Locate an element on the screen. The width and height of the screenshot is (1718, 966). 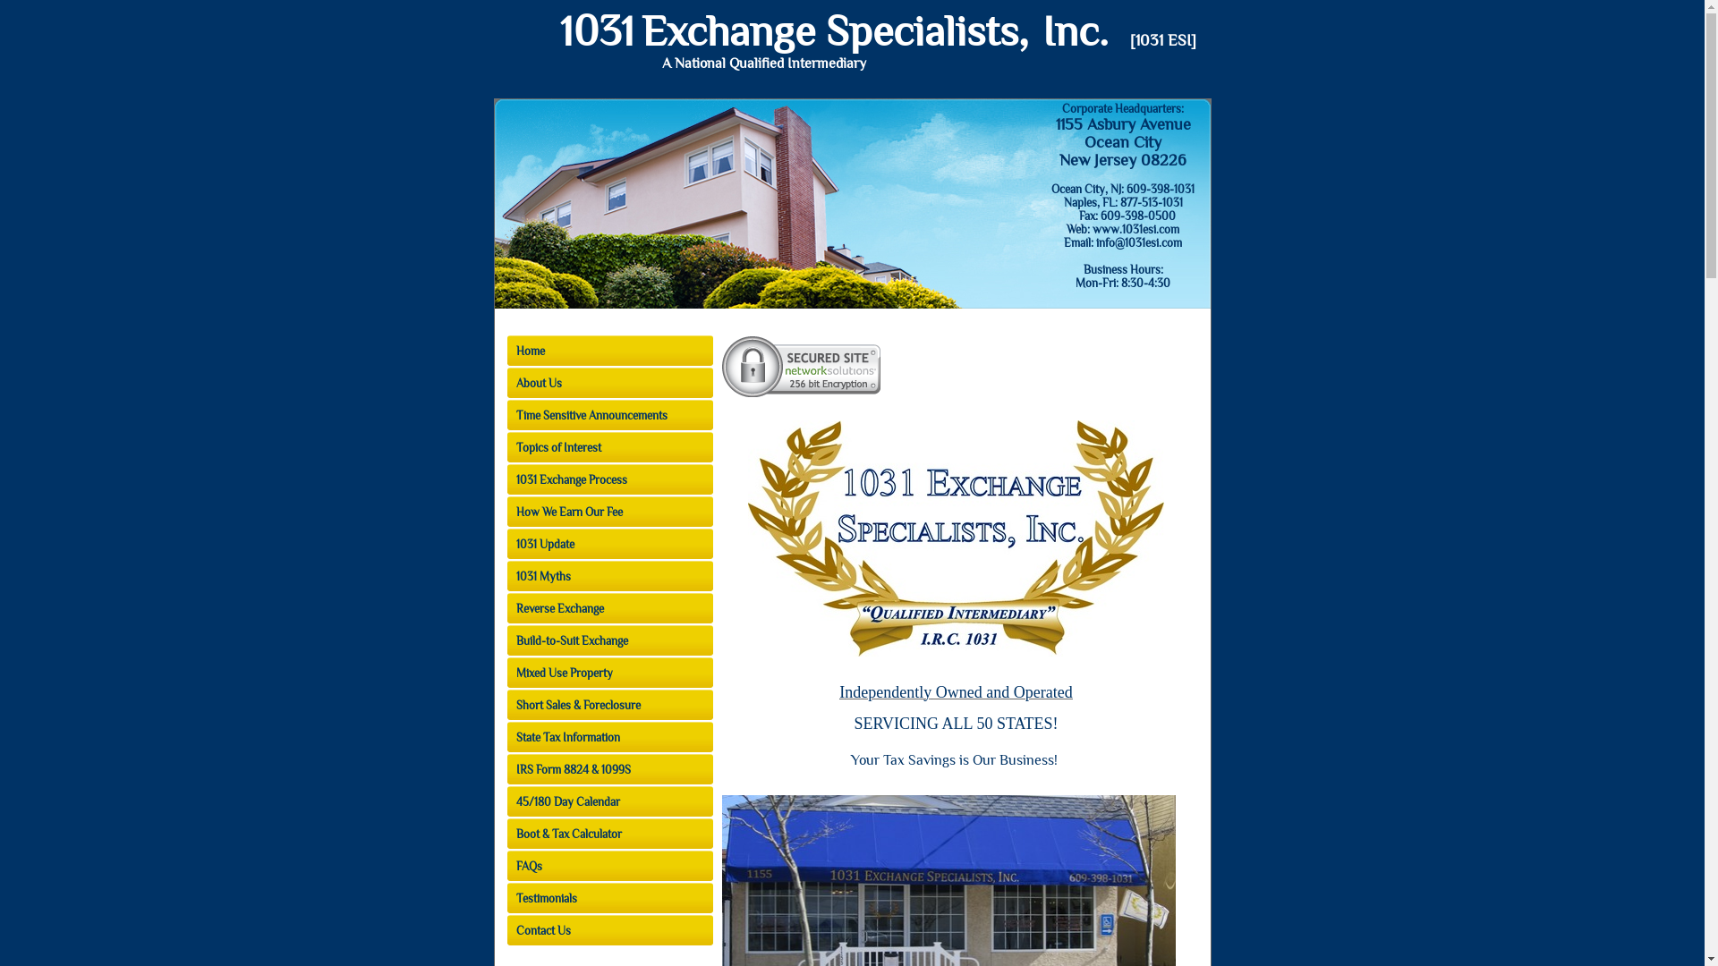
'Short Sales & Foreclosure' is located at coordinates (609, 704).